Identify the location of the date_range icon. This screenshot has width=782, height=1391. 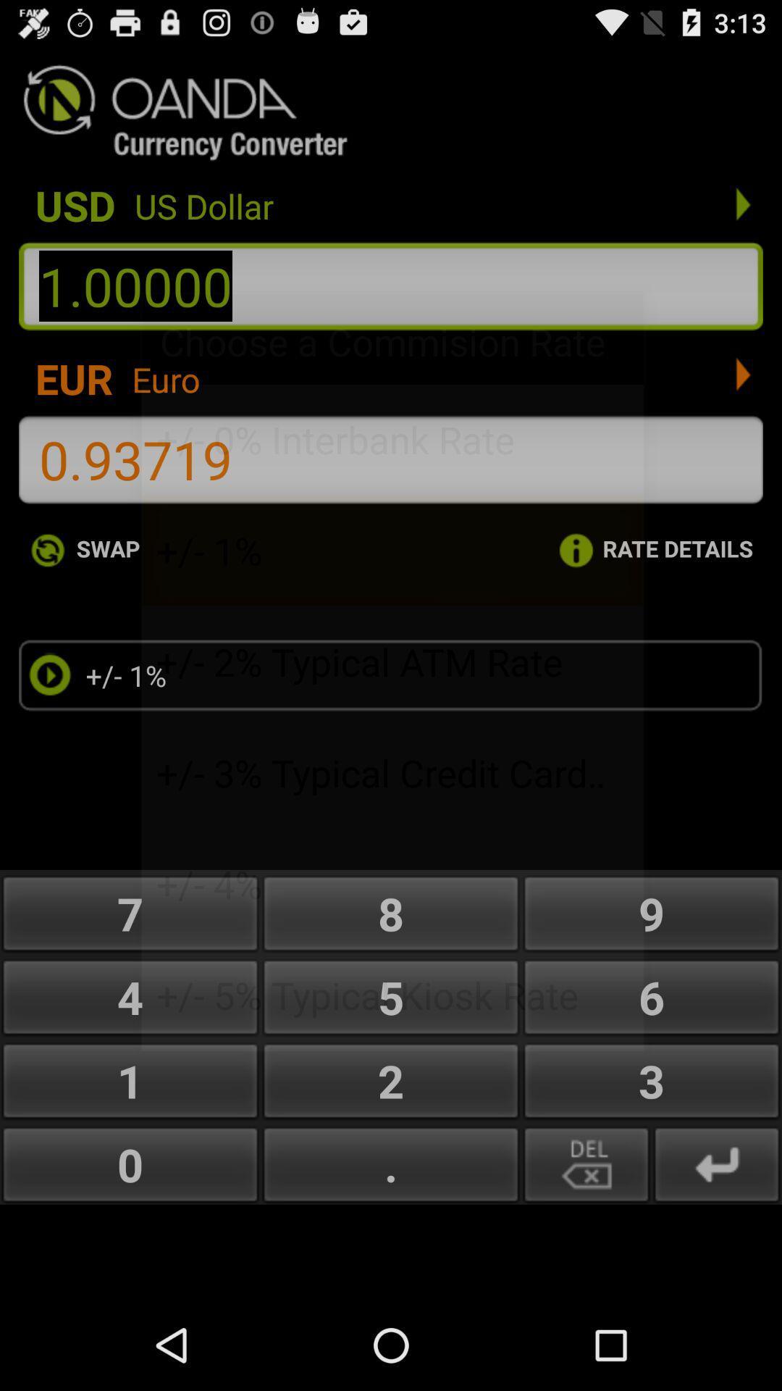
(586, 1243).